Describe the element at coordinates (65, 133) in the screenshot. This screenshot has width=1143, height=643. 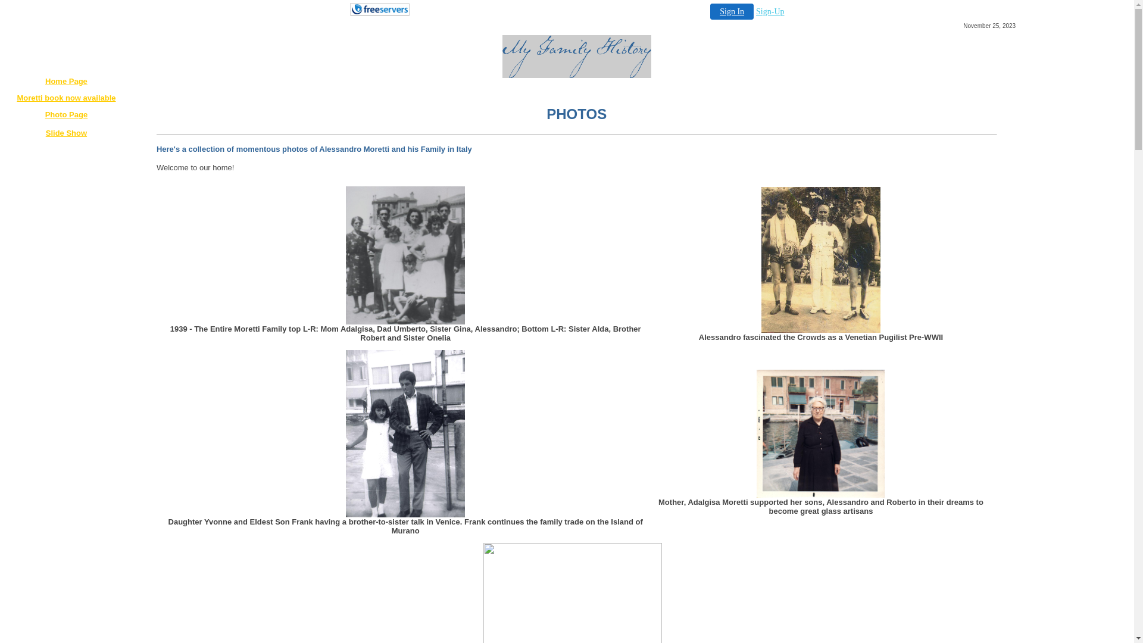
I see `'Slide Show'` at that location.